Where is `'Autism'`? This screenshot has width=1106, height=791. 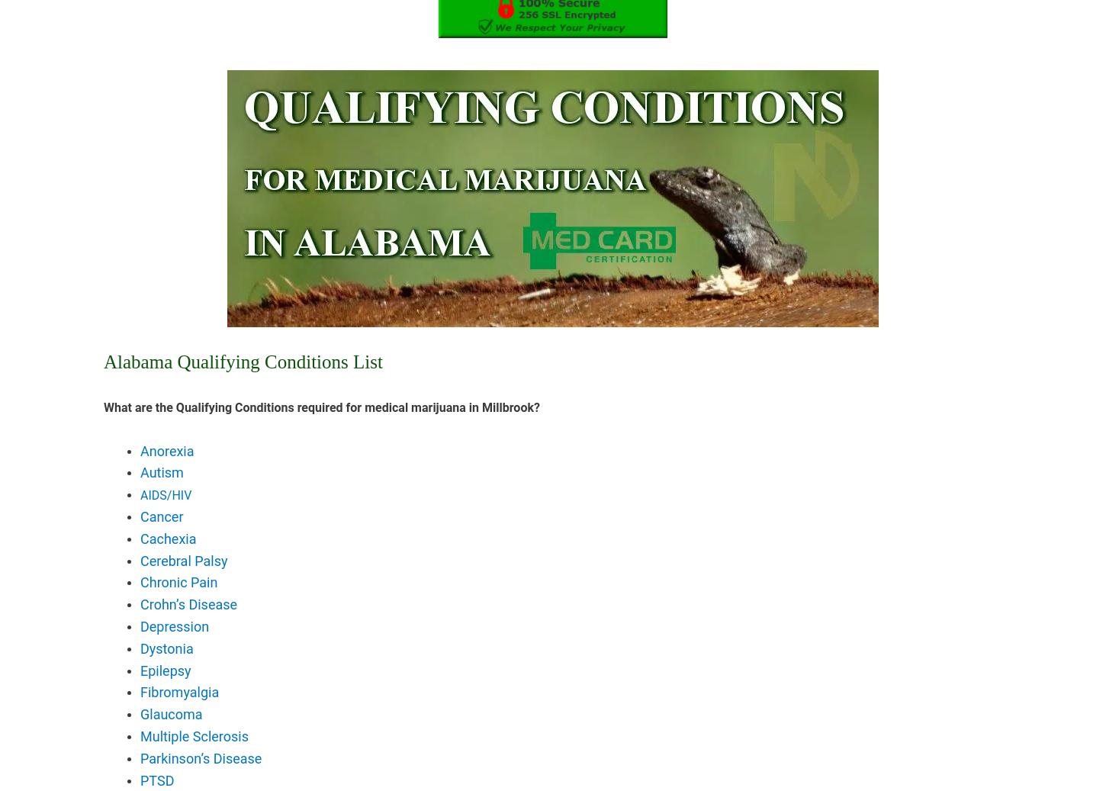 'Autism' is located at coordinates (160, 472).